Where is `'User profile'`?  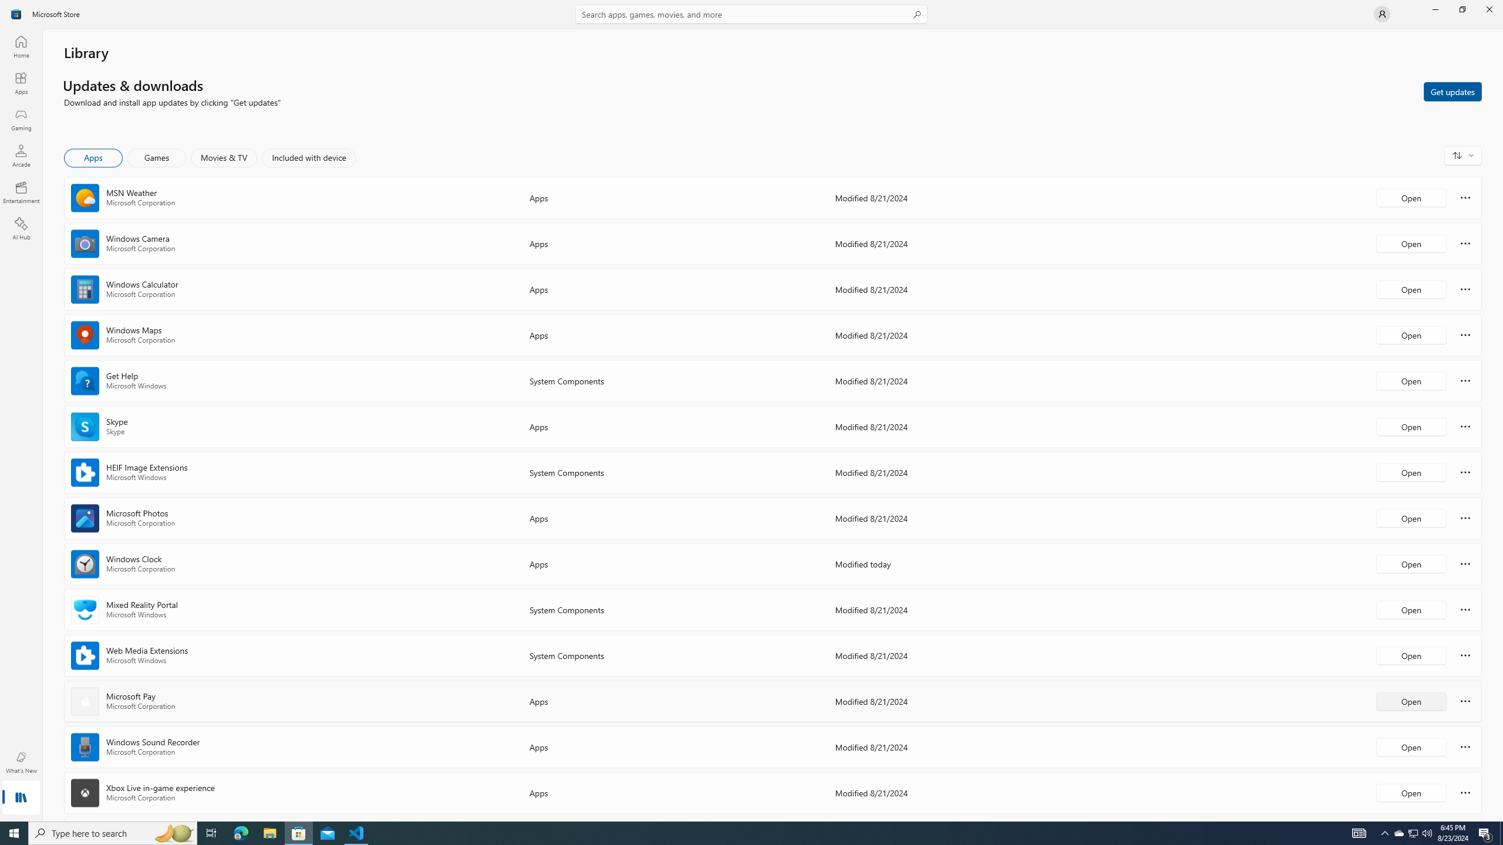 'User profile' is located at coordinates (1381, 13).